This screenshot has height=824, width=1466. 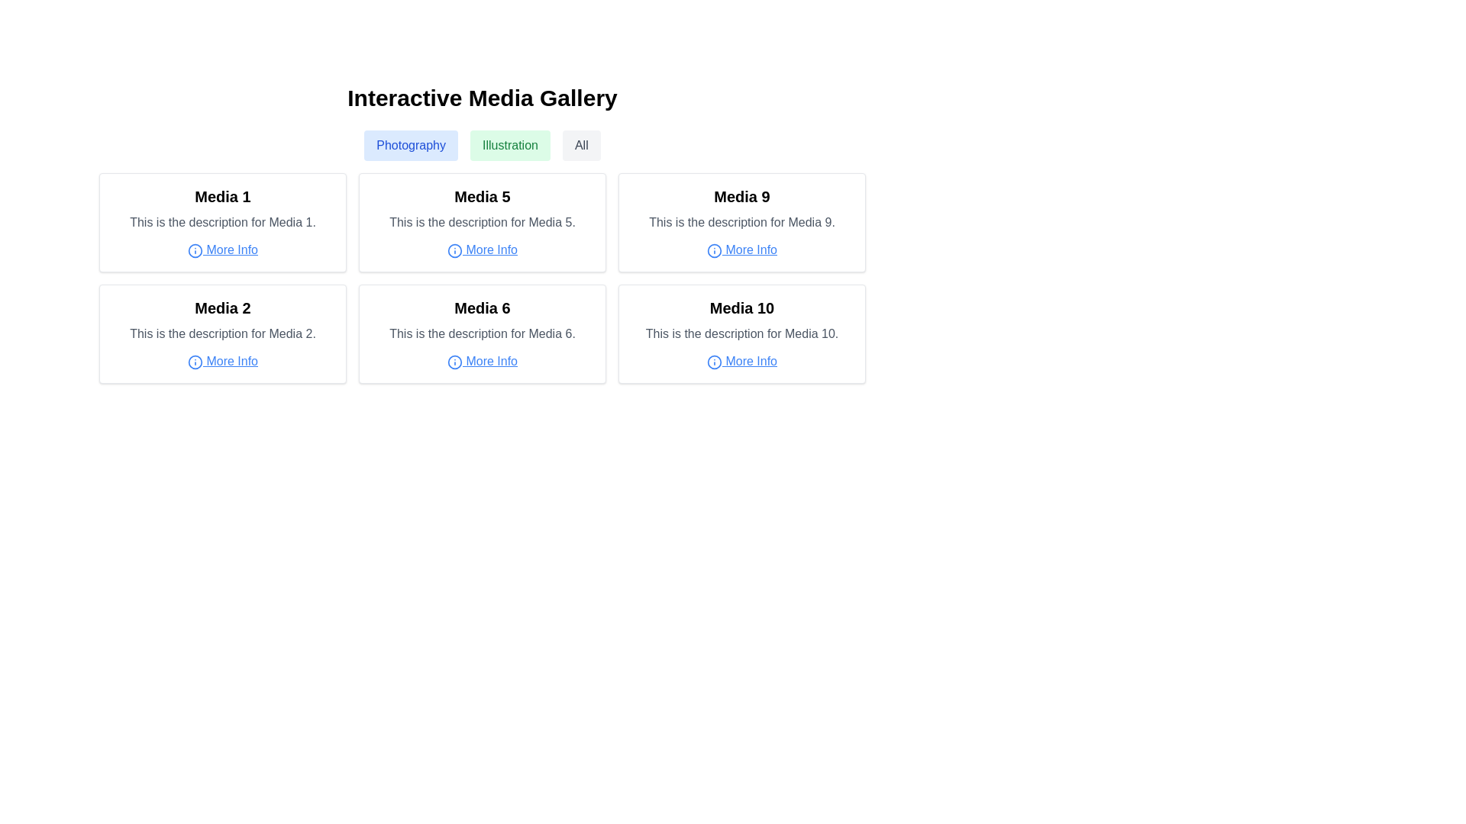 I want to click on the SVG Circle that represents the 'info' icon located in the 'More Info' section below 'Media 9', so click(x=714, y=249).